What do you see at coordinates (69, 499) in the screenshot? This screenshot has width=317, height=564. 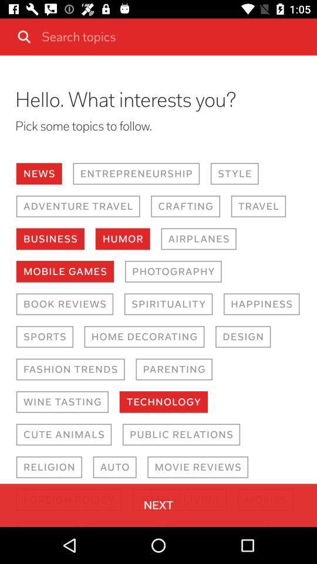 I see `icon above the science icon` at bounding box center [69, 499].